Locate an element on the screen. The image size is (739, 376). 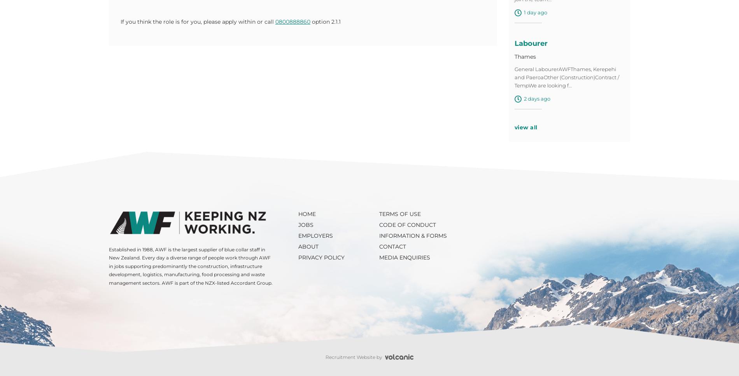
'Information & Forms' is located at coordinates (378, 237).